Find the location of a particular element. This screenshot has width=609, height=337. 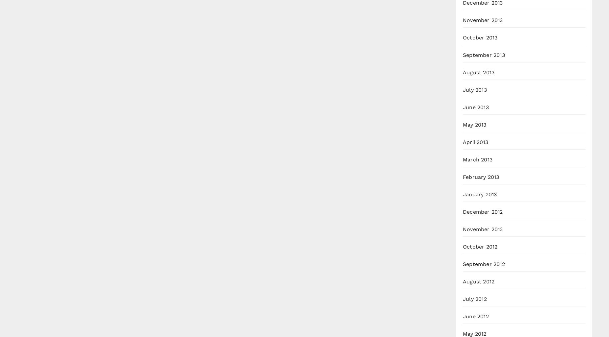

'September 2012' is located at coordinates (484, 264).